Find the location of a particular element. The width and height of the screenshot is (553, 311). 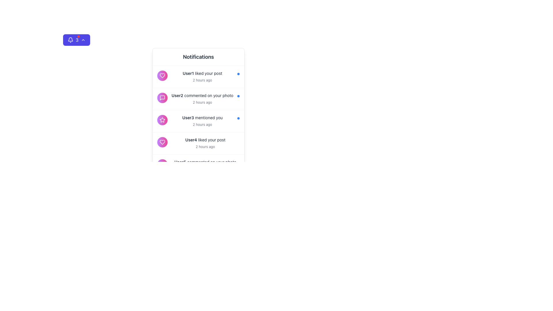

the notification message item displaying 'User5 commented on your photo' located at the bottom of the notification panel is located at coordinates (198, 166).